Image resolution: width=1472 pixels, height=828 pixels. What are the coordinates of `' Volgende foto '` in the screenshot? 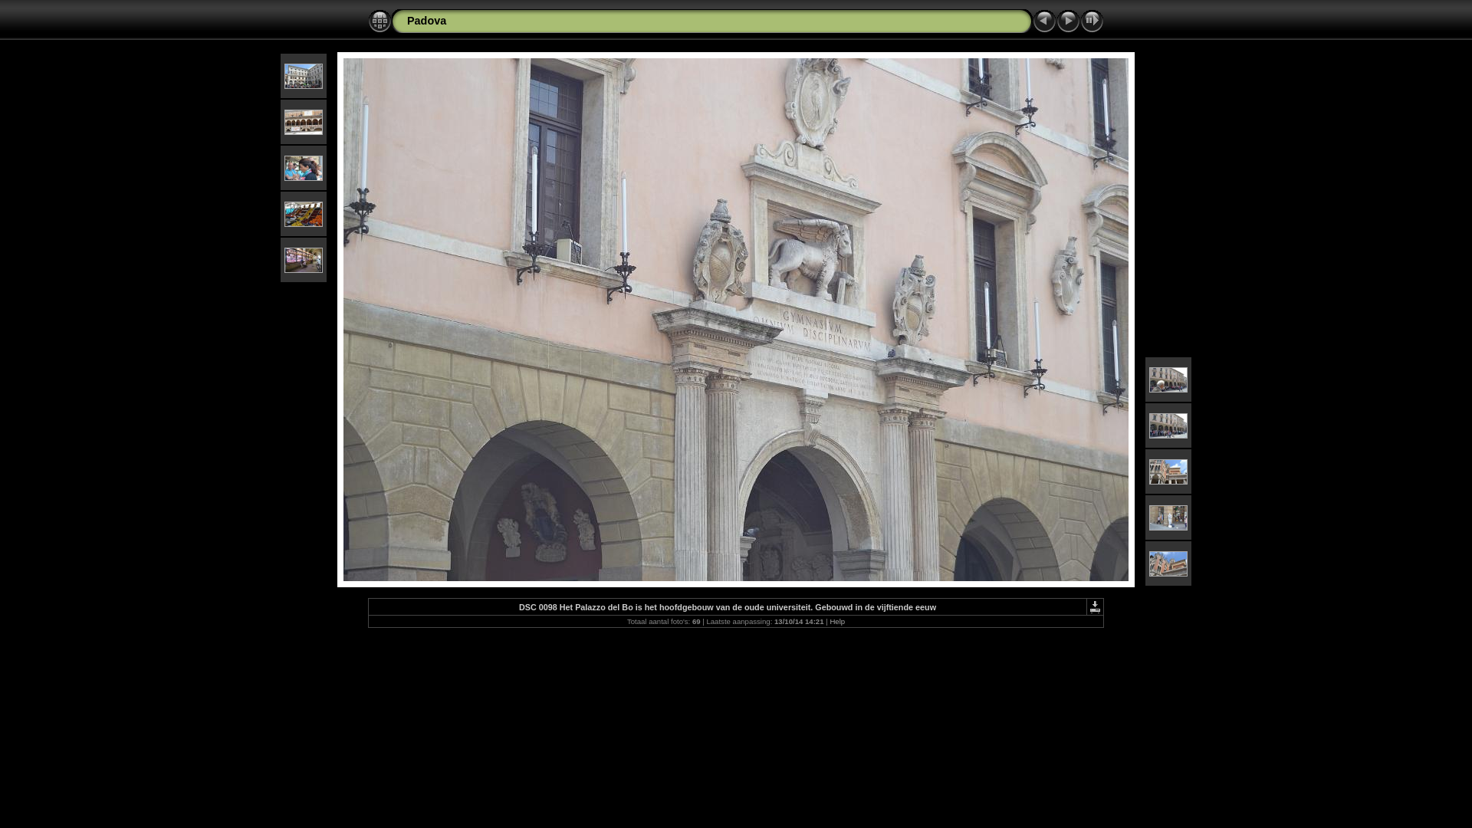 It's located at (1067, 21).